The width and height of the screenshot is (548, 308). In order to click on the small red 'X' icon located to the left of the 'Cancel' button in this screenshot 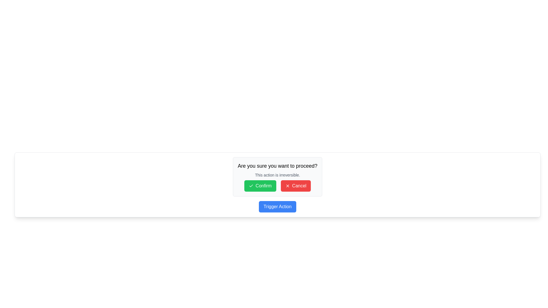, I will do `click(287, 186)`.